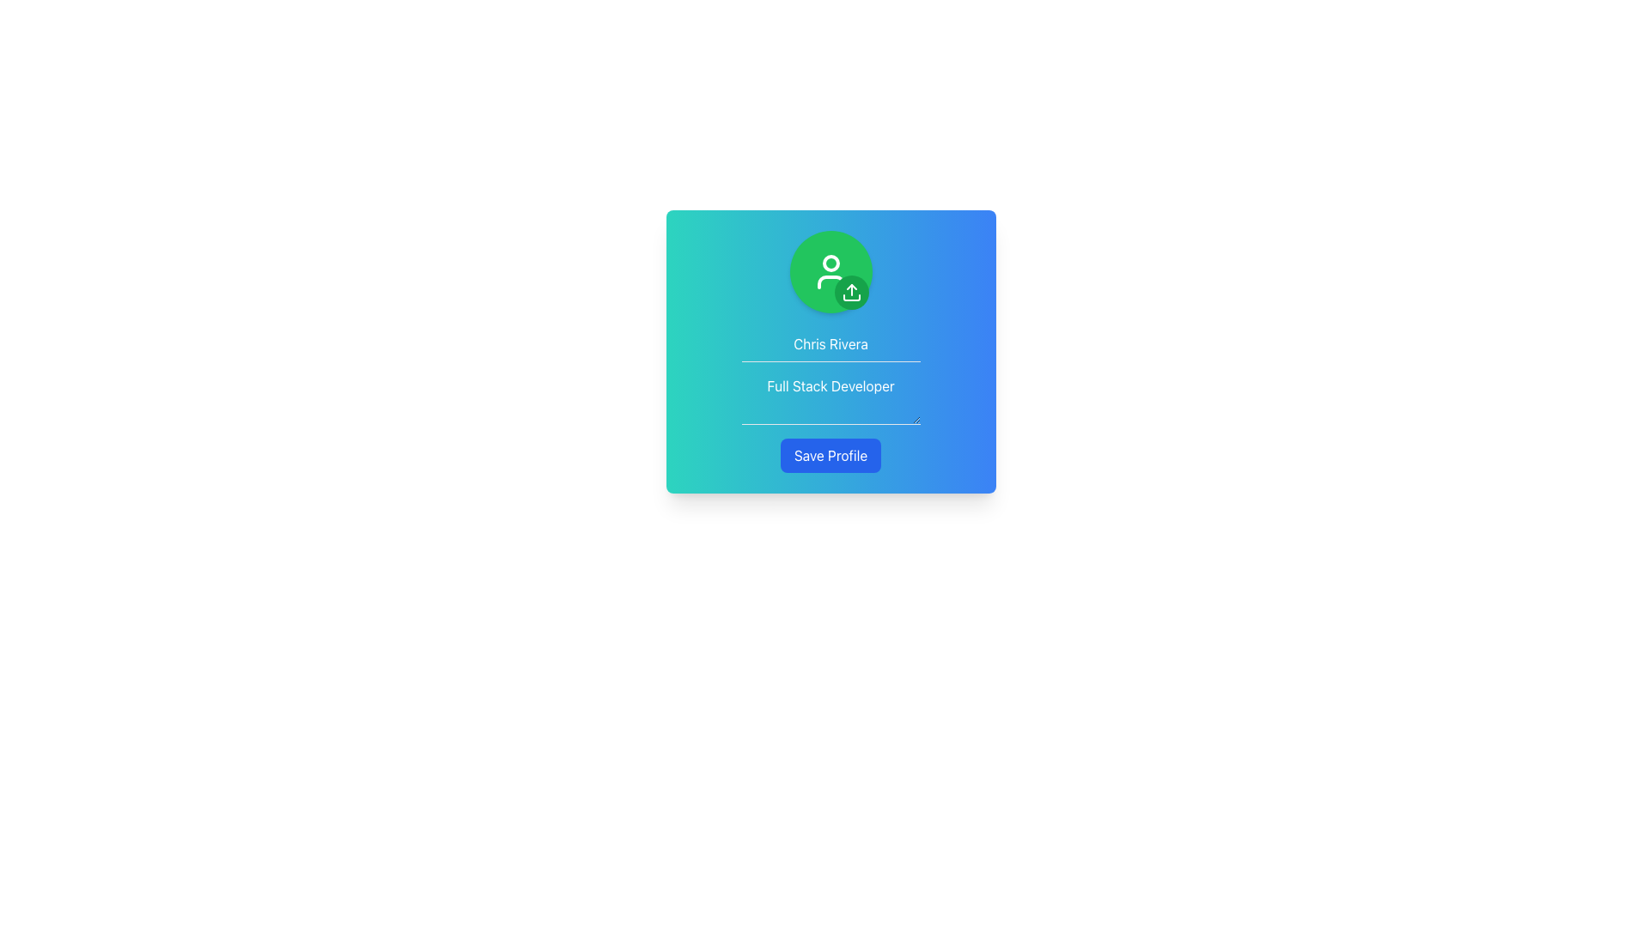 The image size is (1649, 927). I want to click on the upload icon located in the bottom-right of the green circular profile picture element, which contains a white user icon, to initiate picture upload, so click(831, 270).